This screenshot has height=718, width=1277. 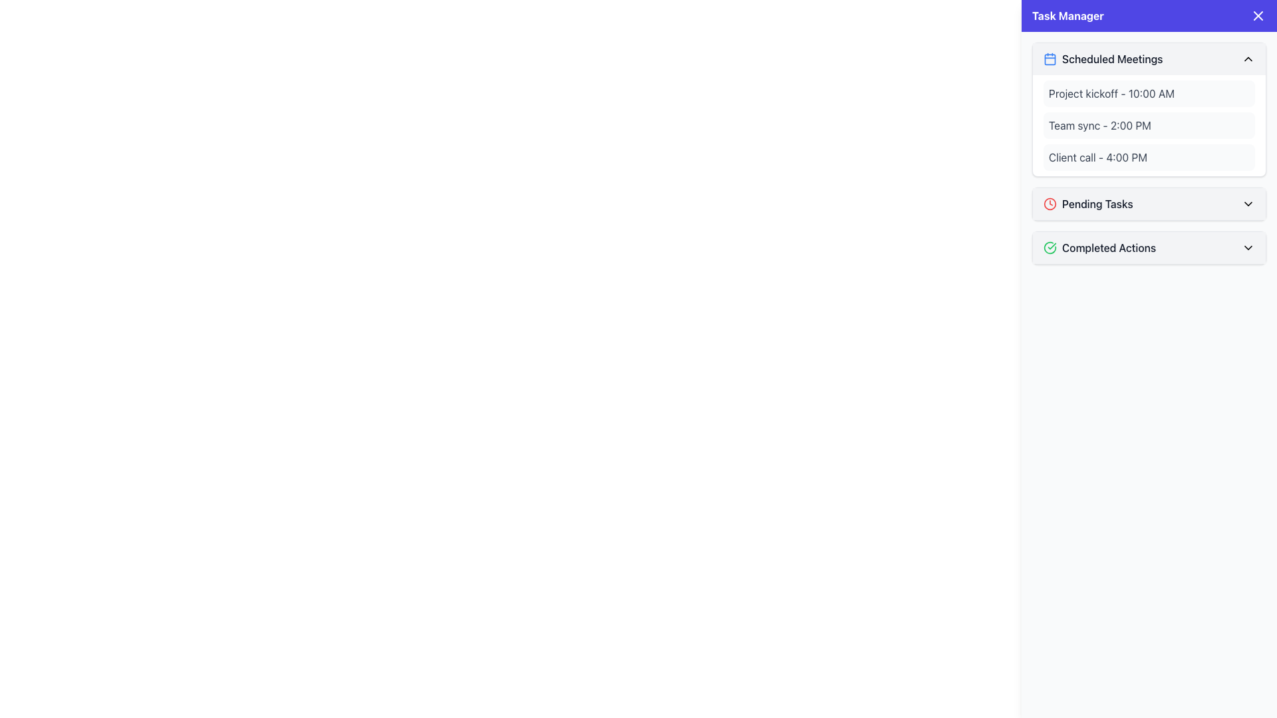 What do you see at coordinates (1111, 93) in the screenshot?
I see `the text label that reads 'Project kickoff - 10:00 AM' in gray font, located within the 'Scheduled Meetings' section of the 'Task Manager' panel` at bounding box center [1111, 93].